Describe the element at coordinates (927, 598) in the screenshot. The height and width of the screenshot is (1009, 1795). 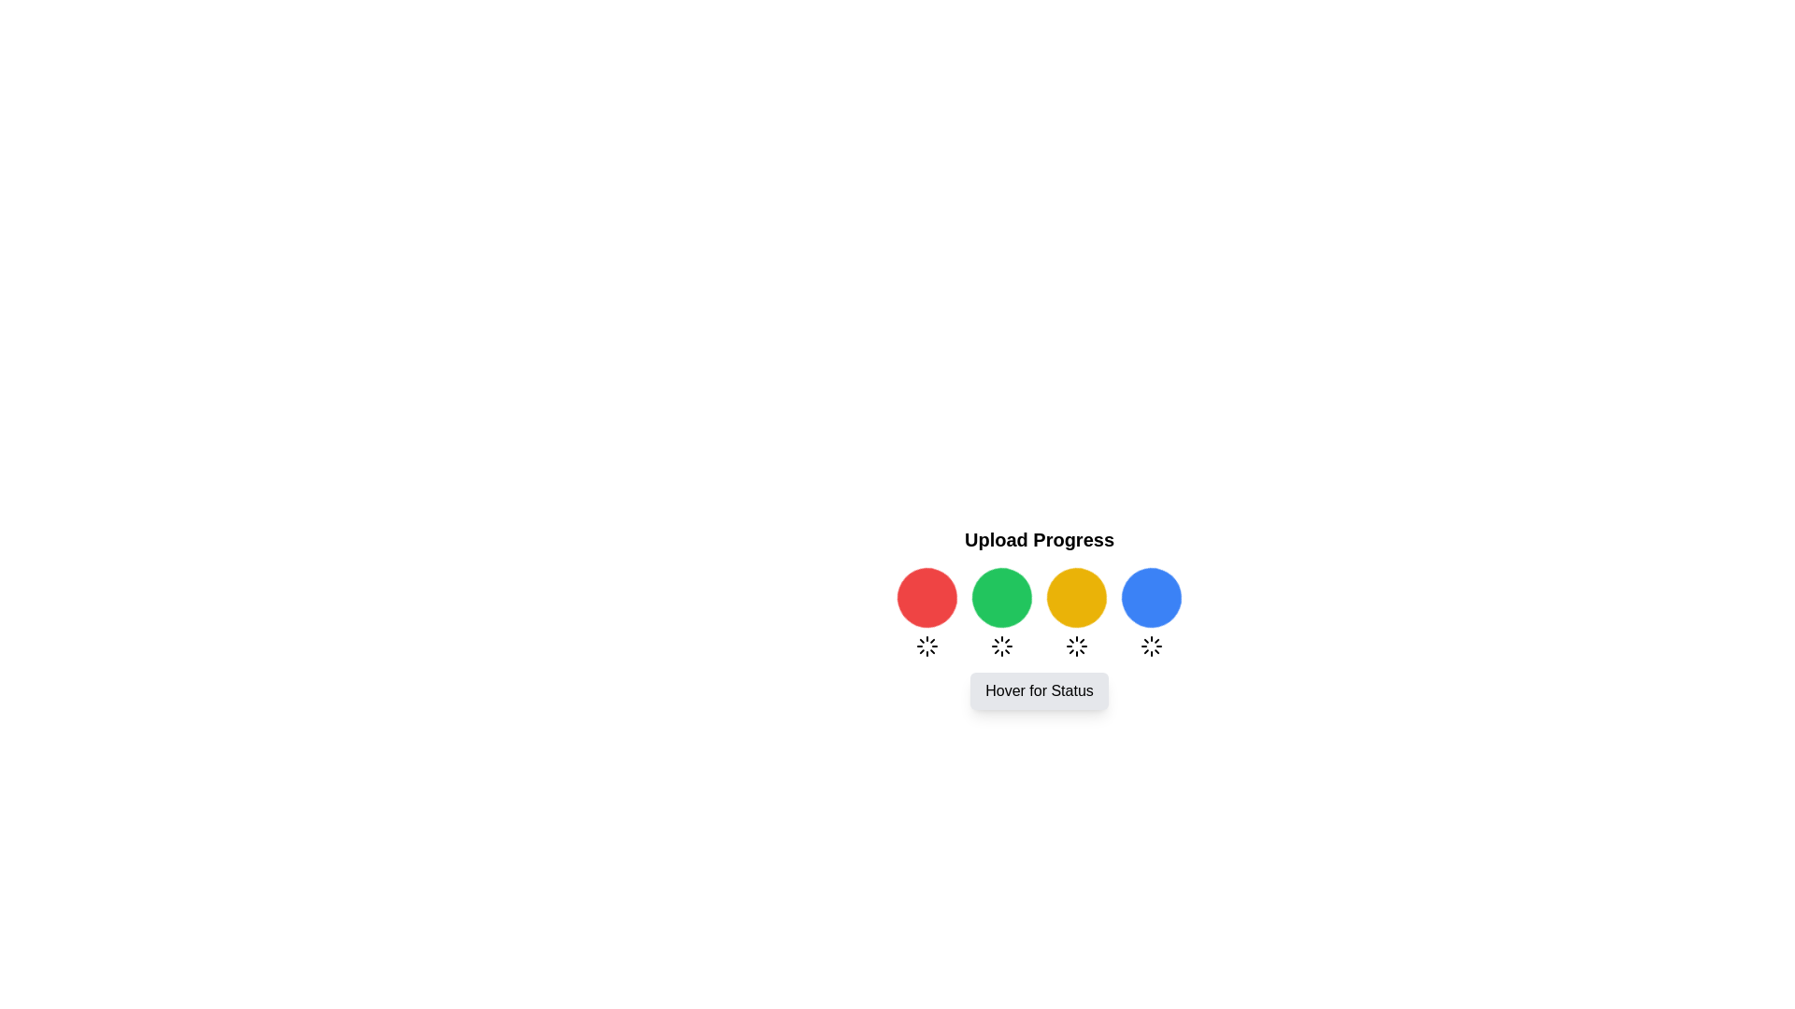
I see `the first colored circle in the 'Upload Progress' section, which serves as a status indicator` at that location.